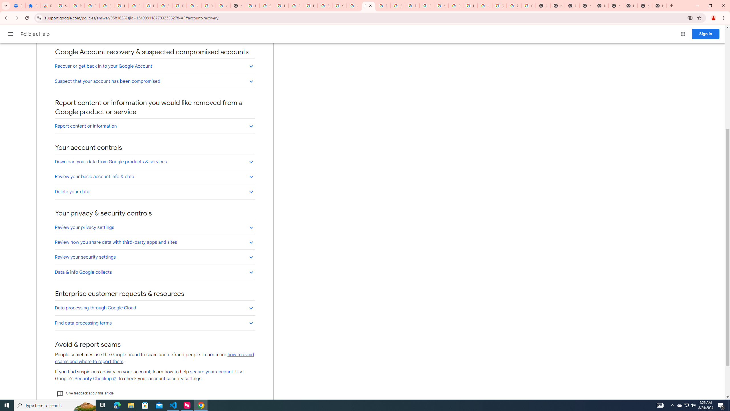 This screenshot has height=411, width=730. What do you see at coordinates (36, 34) in the screenshot?
I see `'Policies Help'` at bounding box center [36, 34].